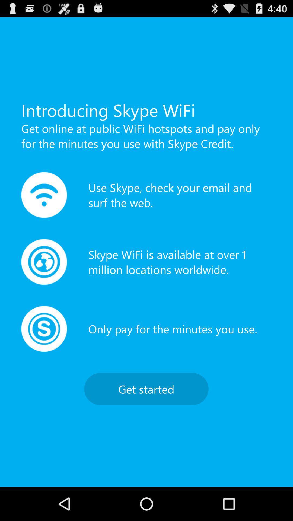 The image size is (293, 521). What do you see at coordinates (146, 389) in the screenshot?
I see `icon below the only pay for` at bounding box center [146, 389].